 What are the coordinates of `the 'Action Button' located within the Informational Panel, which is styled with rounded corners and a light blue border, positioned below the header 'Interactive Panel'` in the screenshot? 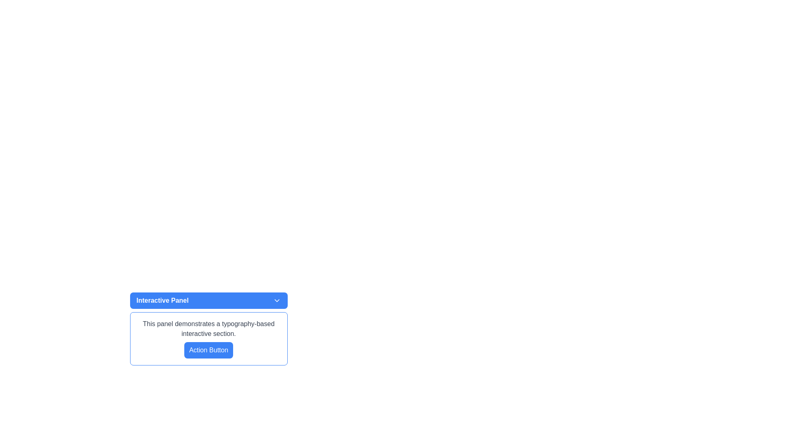 It's located at (208, 338).